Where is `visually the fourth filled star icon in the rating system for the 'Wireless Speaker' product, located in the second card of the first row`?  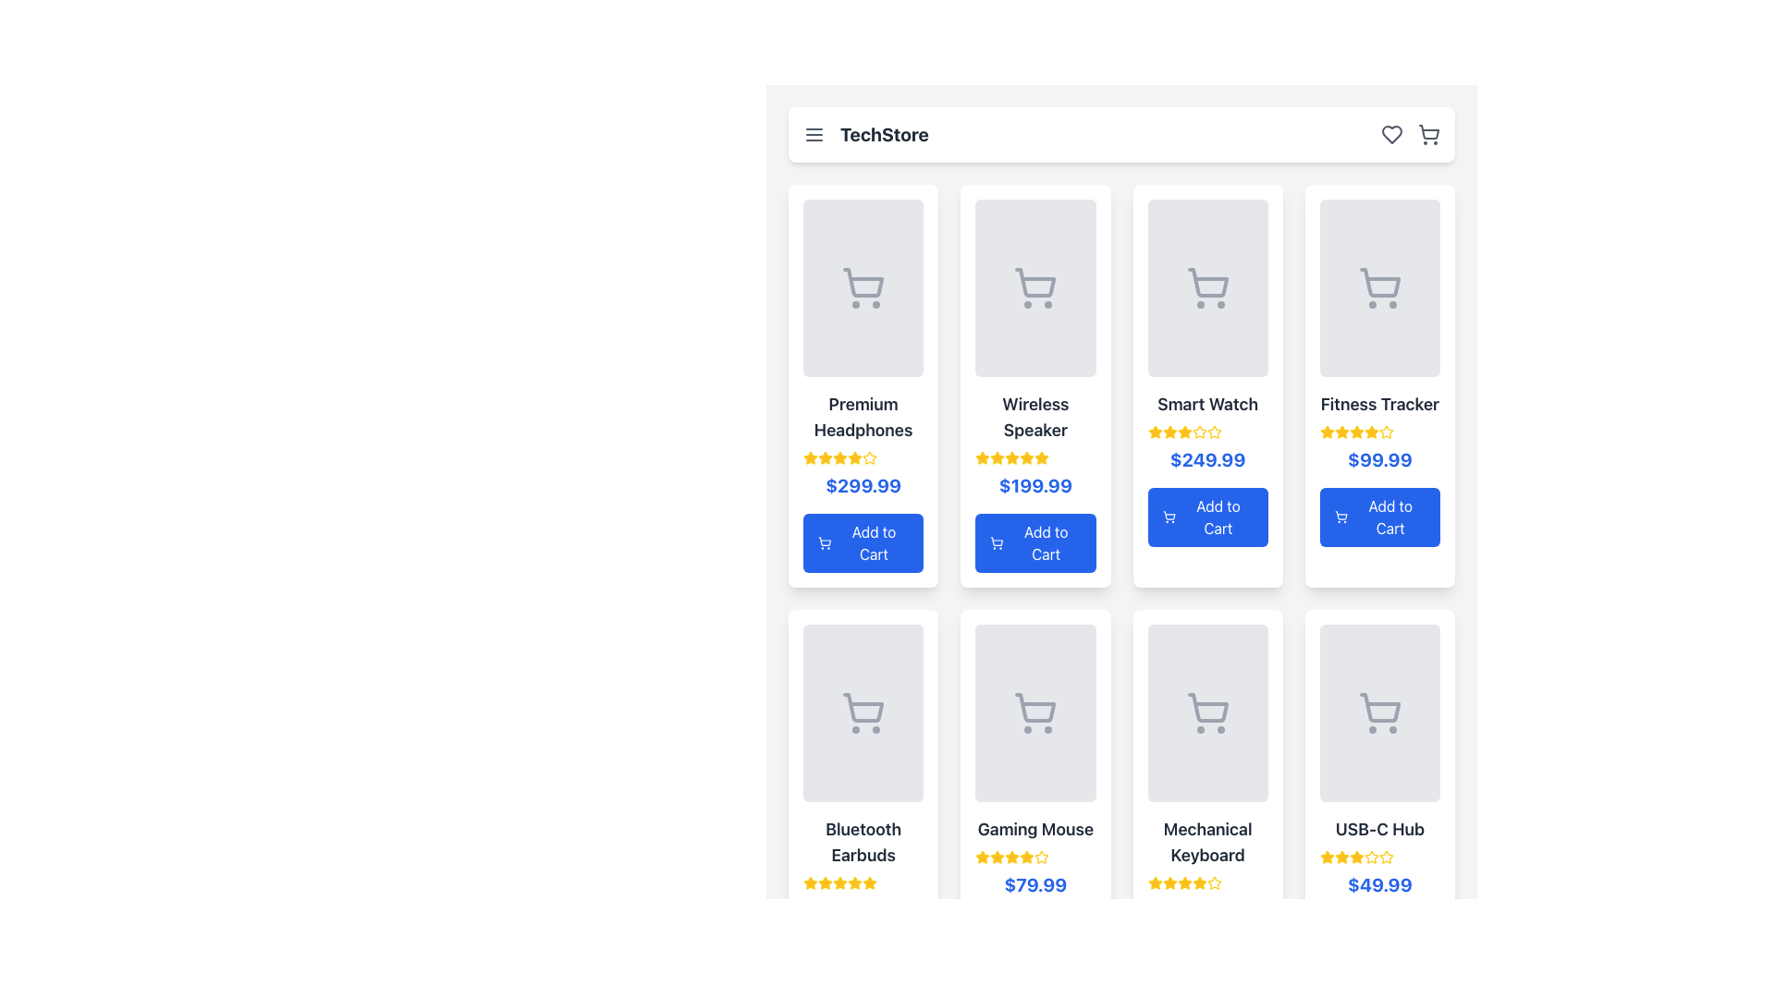 visually the fourth filled star icon in the rating system for the 'Wireless Speaker' product, located in the second card of the first row is located at coordinates (1011, 457).